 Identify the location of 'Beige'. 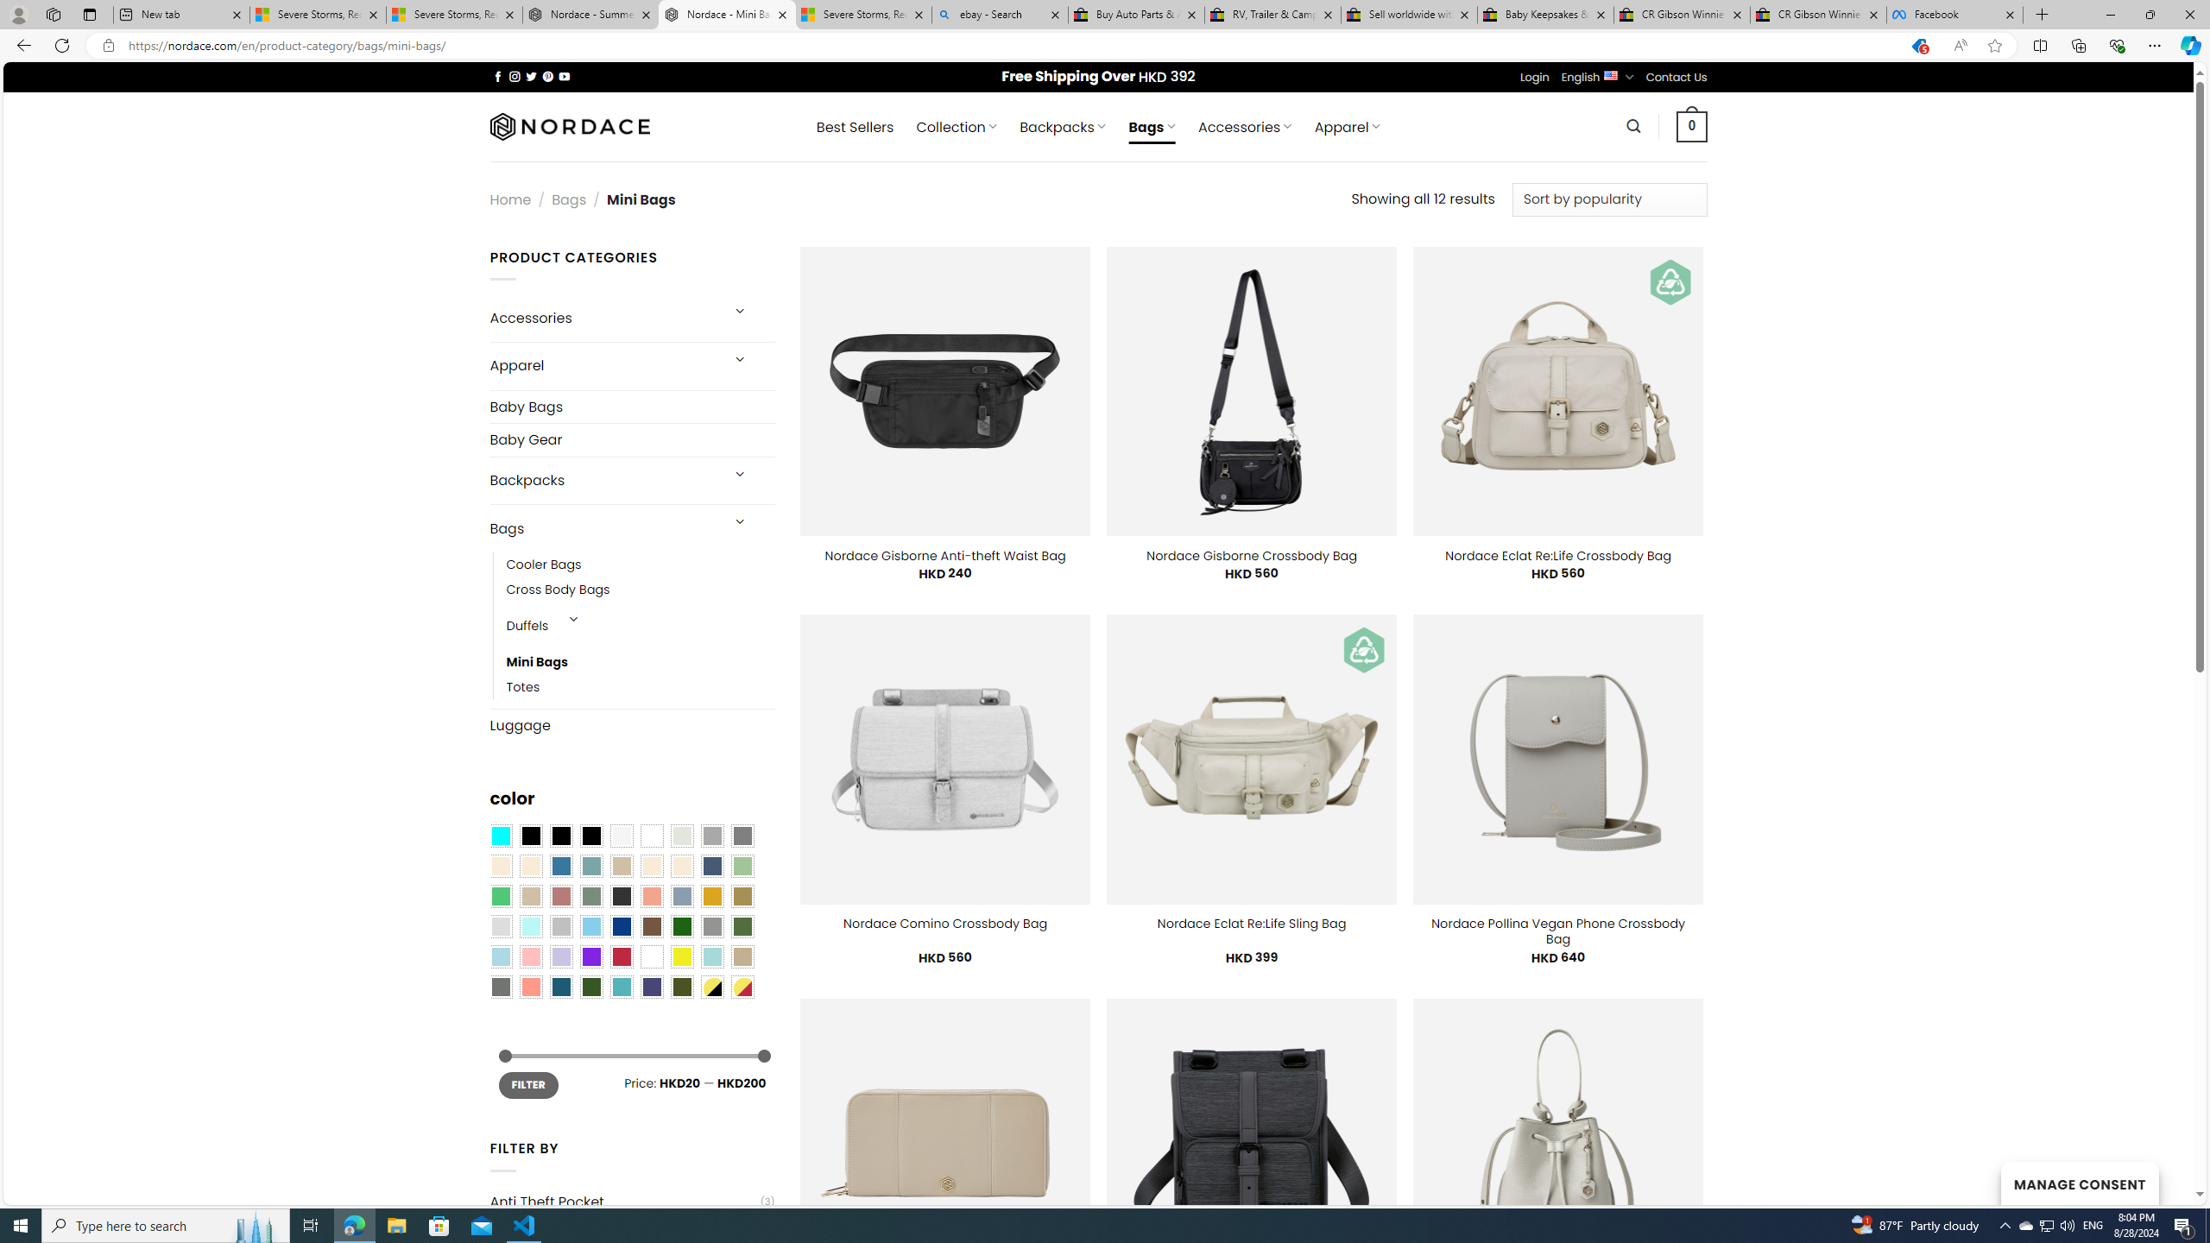
(499, 866).